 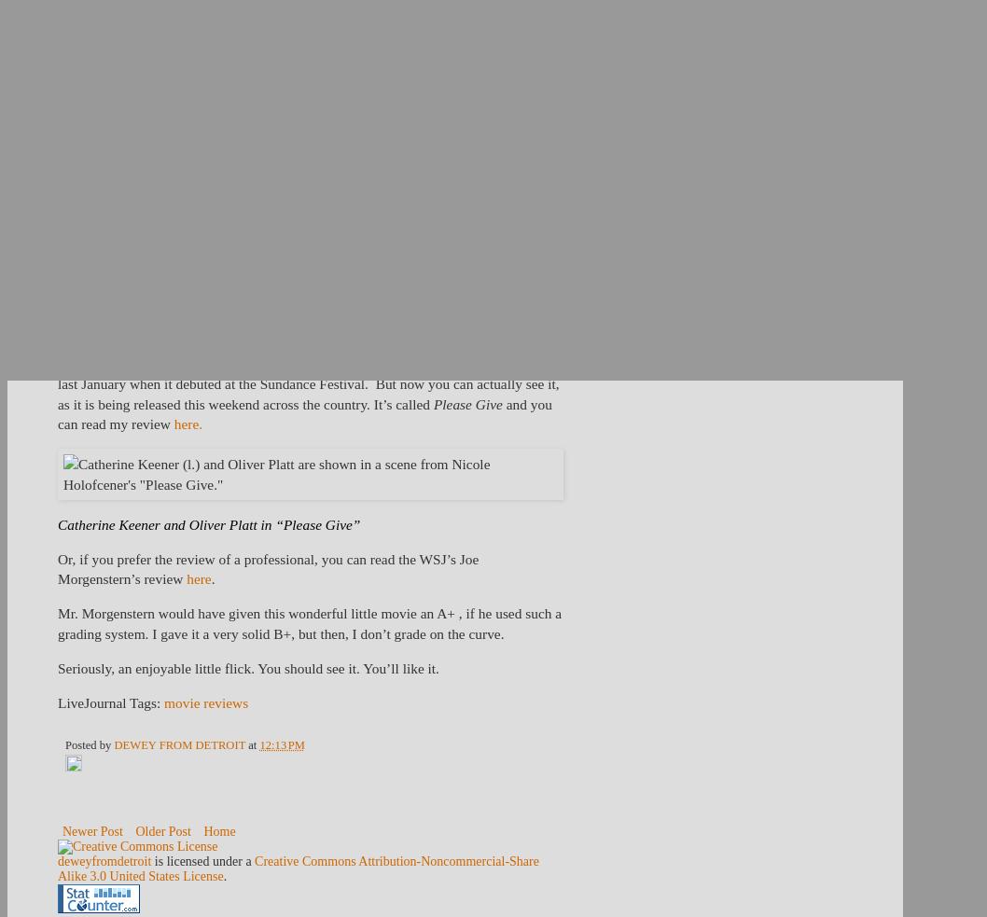 What do you see at coordinates (62, 831) in the screenshot?
I see `'Newer Post'` at bounding box center [62, 831].